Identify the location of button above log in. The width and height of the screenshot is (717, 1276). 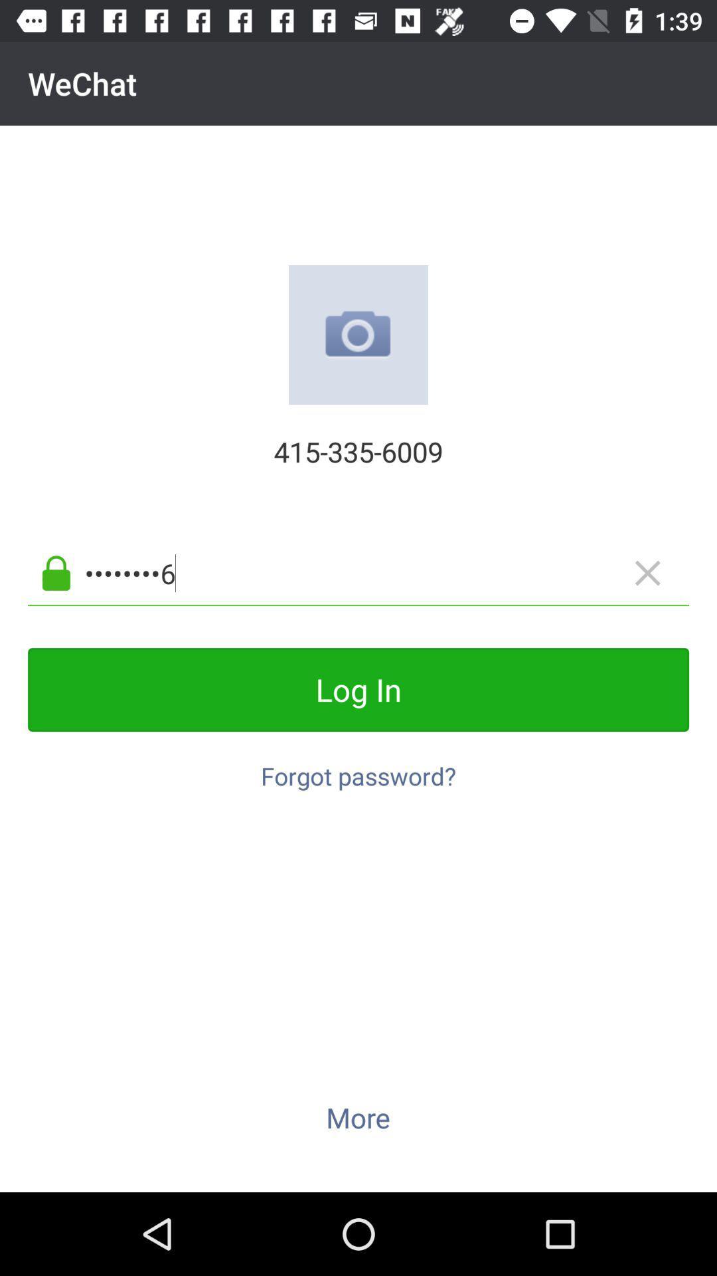
(380, 573).